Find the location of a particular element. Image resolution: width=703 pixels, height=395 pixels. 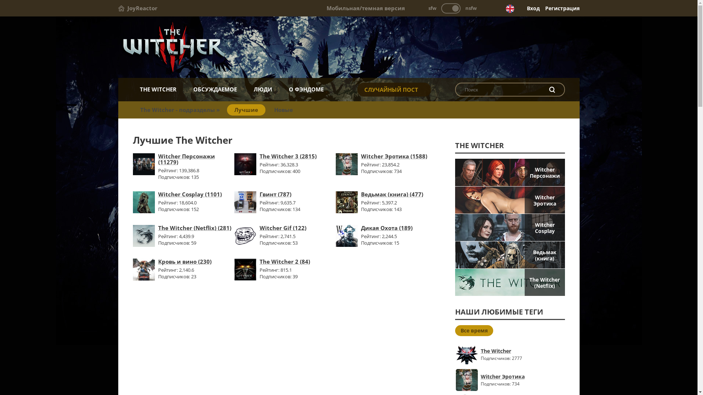

'The Witcher 3 (2815)' is located at coordinates (287, 156).